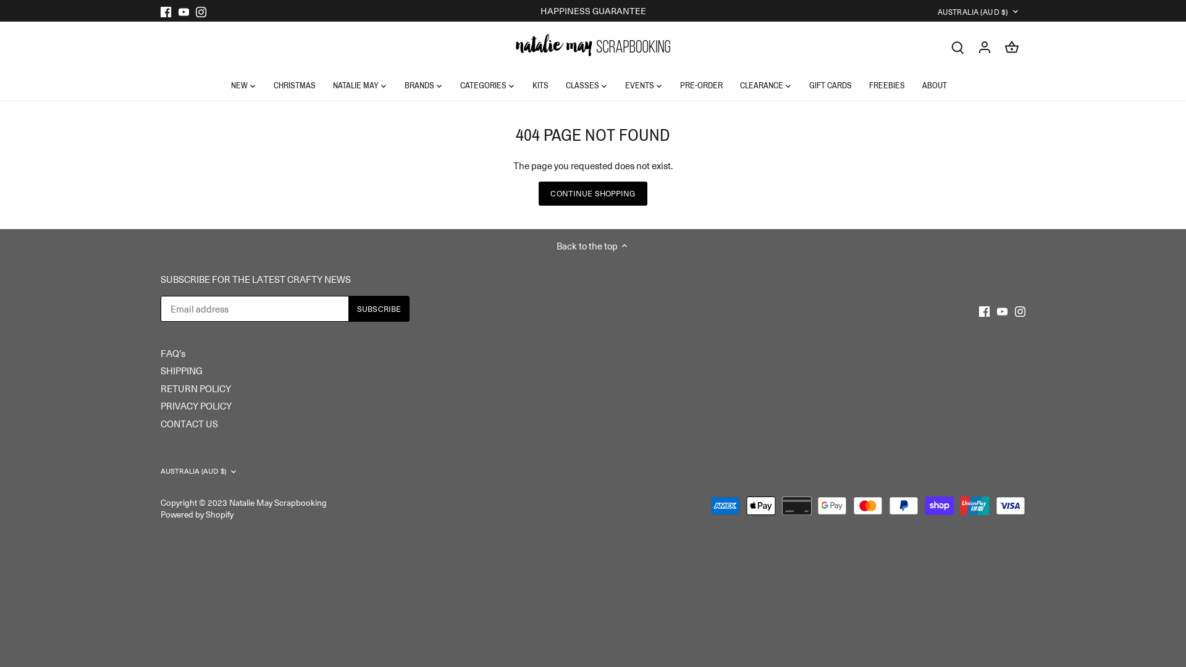  What do you see at coordinates (937, 12) in the screenshot?
I see `'AUSTRALIA (AUD $)'` at bounding box center [937, 12].